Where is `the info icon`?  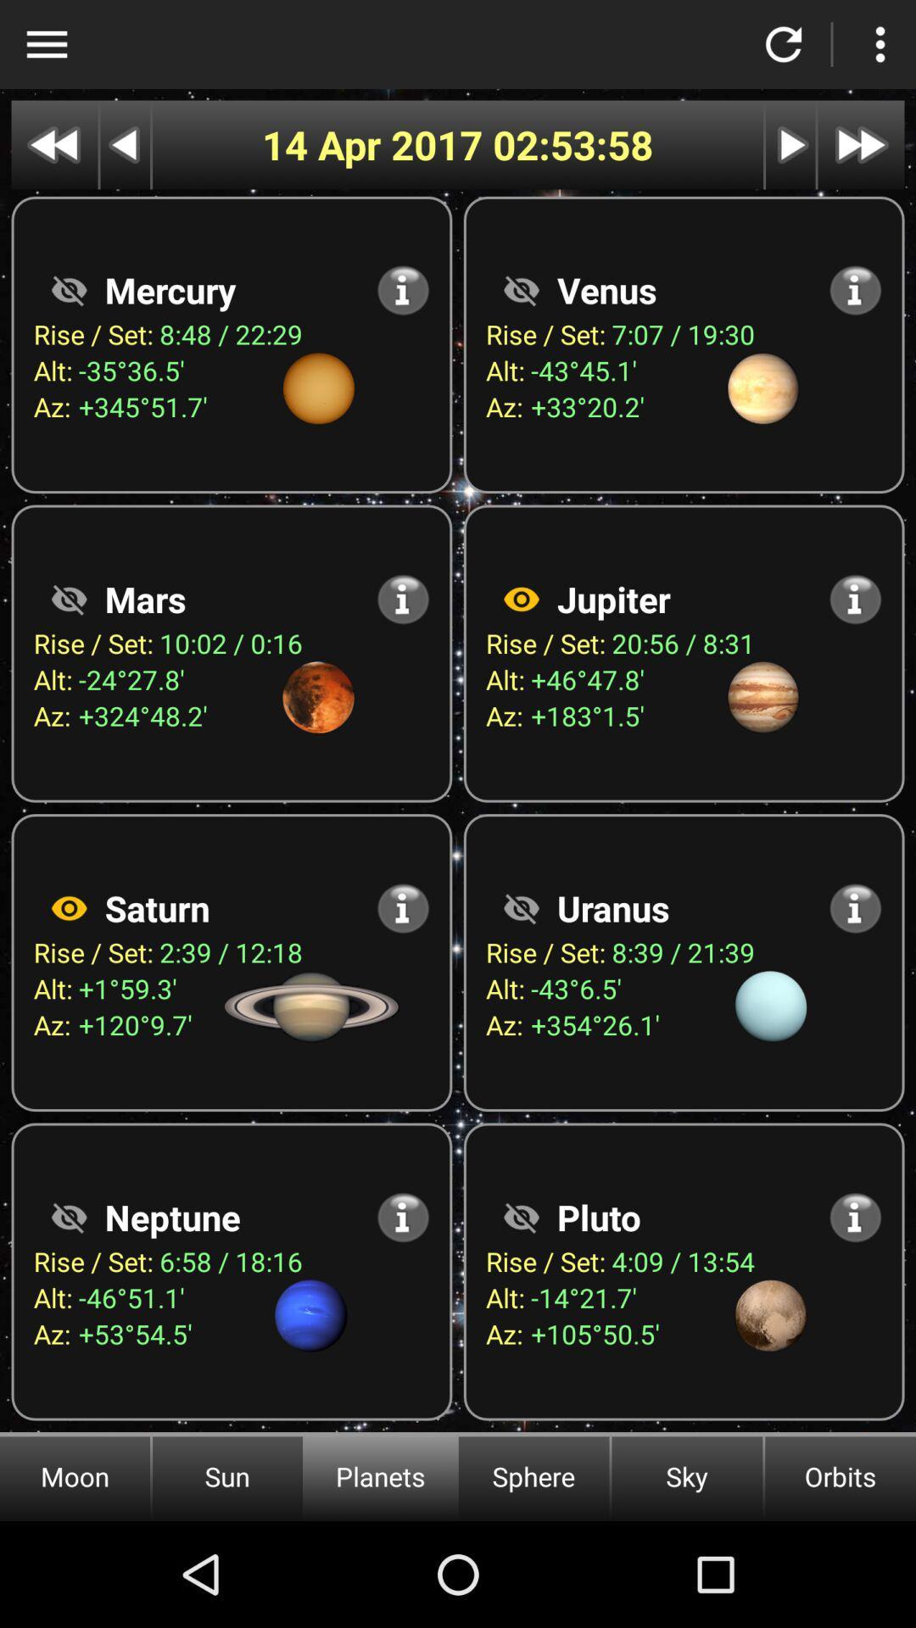 the info icon is located at coordinates (403, 599).